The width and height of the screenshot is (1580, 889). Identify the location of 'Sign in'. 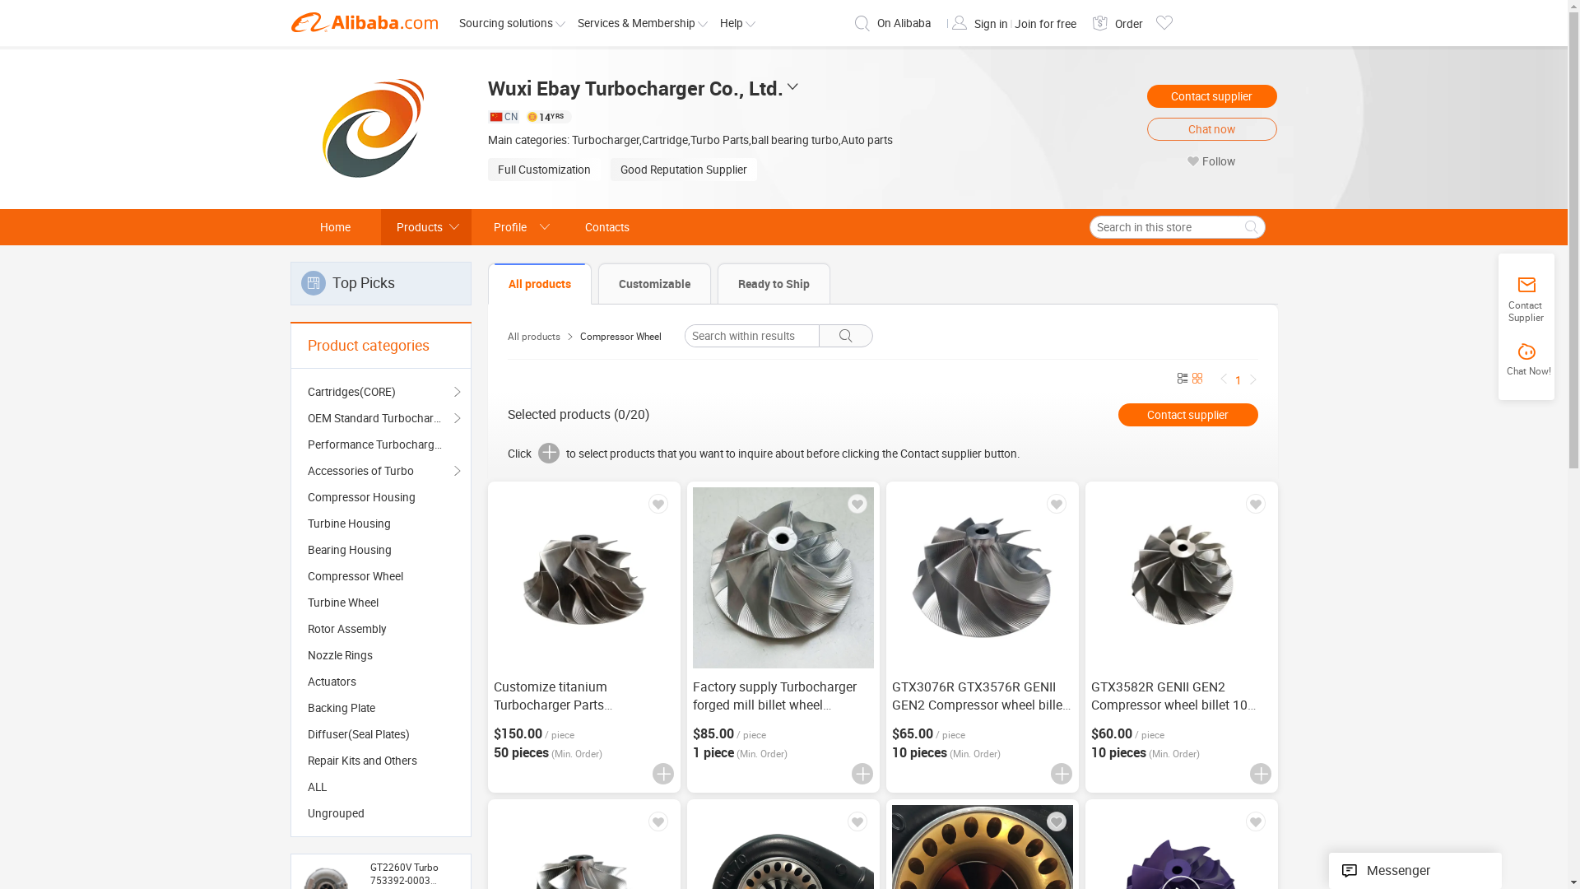
(991, 24).